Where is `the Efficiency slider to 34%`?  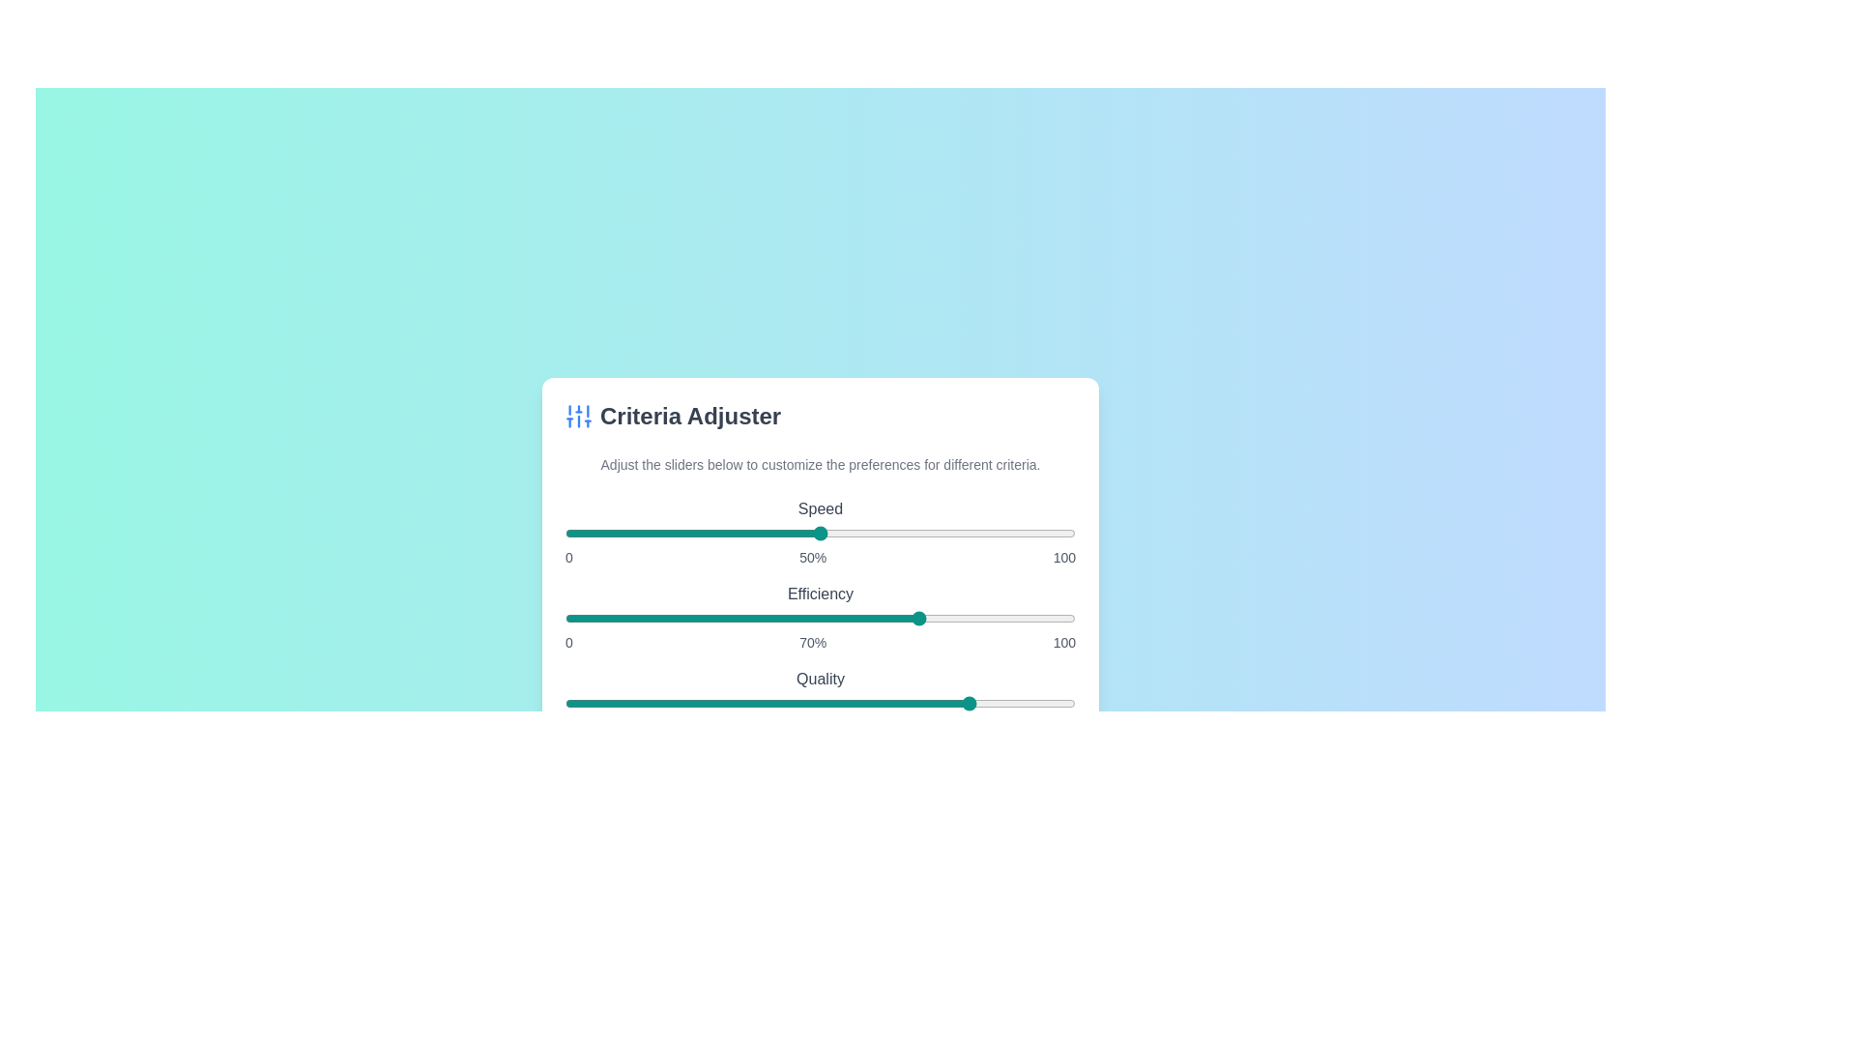 the Efficiency slider to 34% is located at coordinates (738, 619).